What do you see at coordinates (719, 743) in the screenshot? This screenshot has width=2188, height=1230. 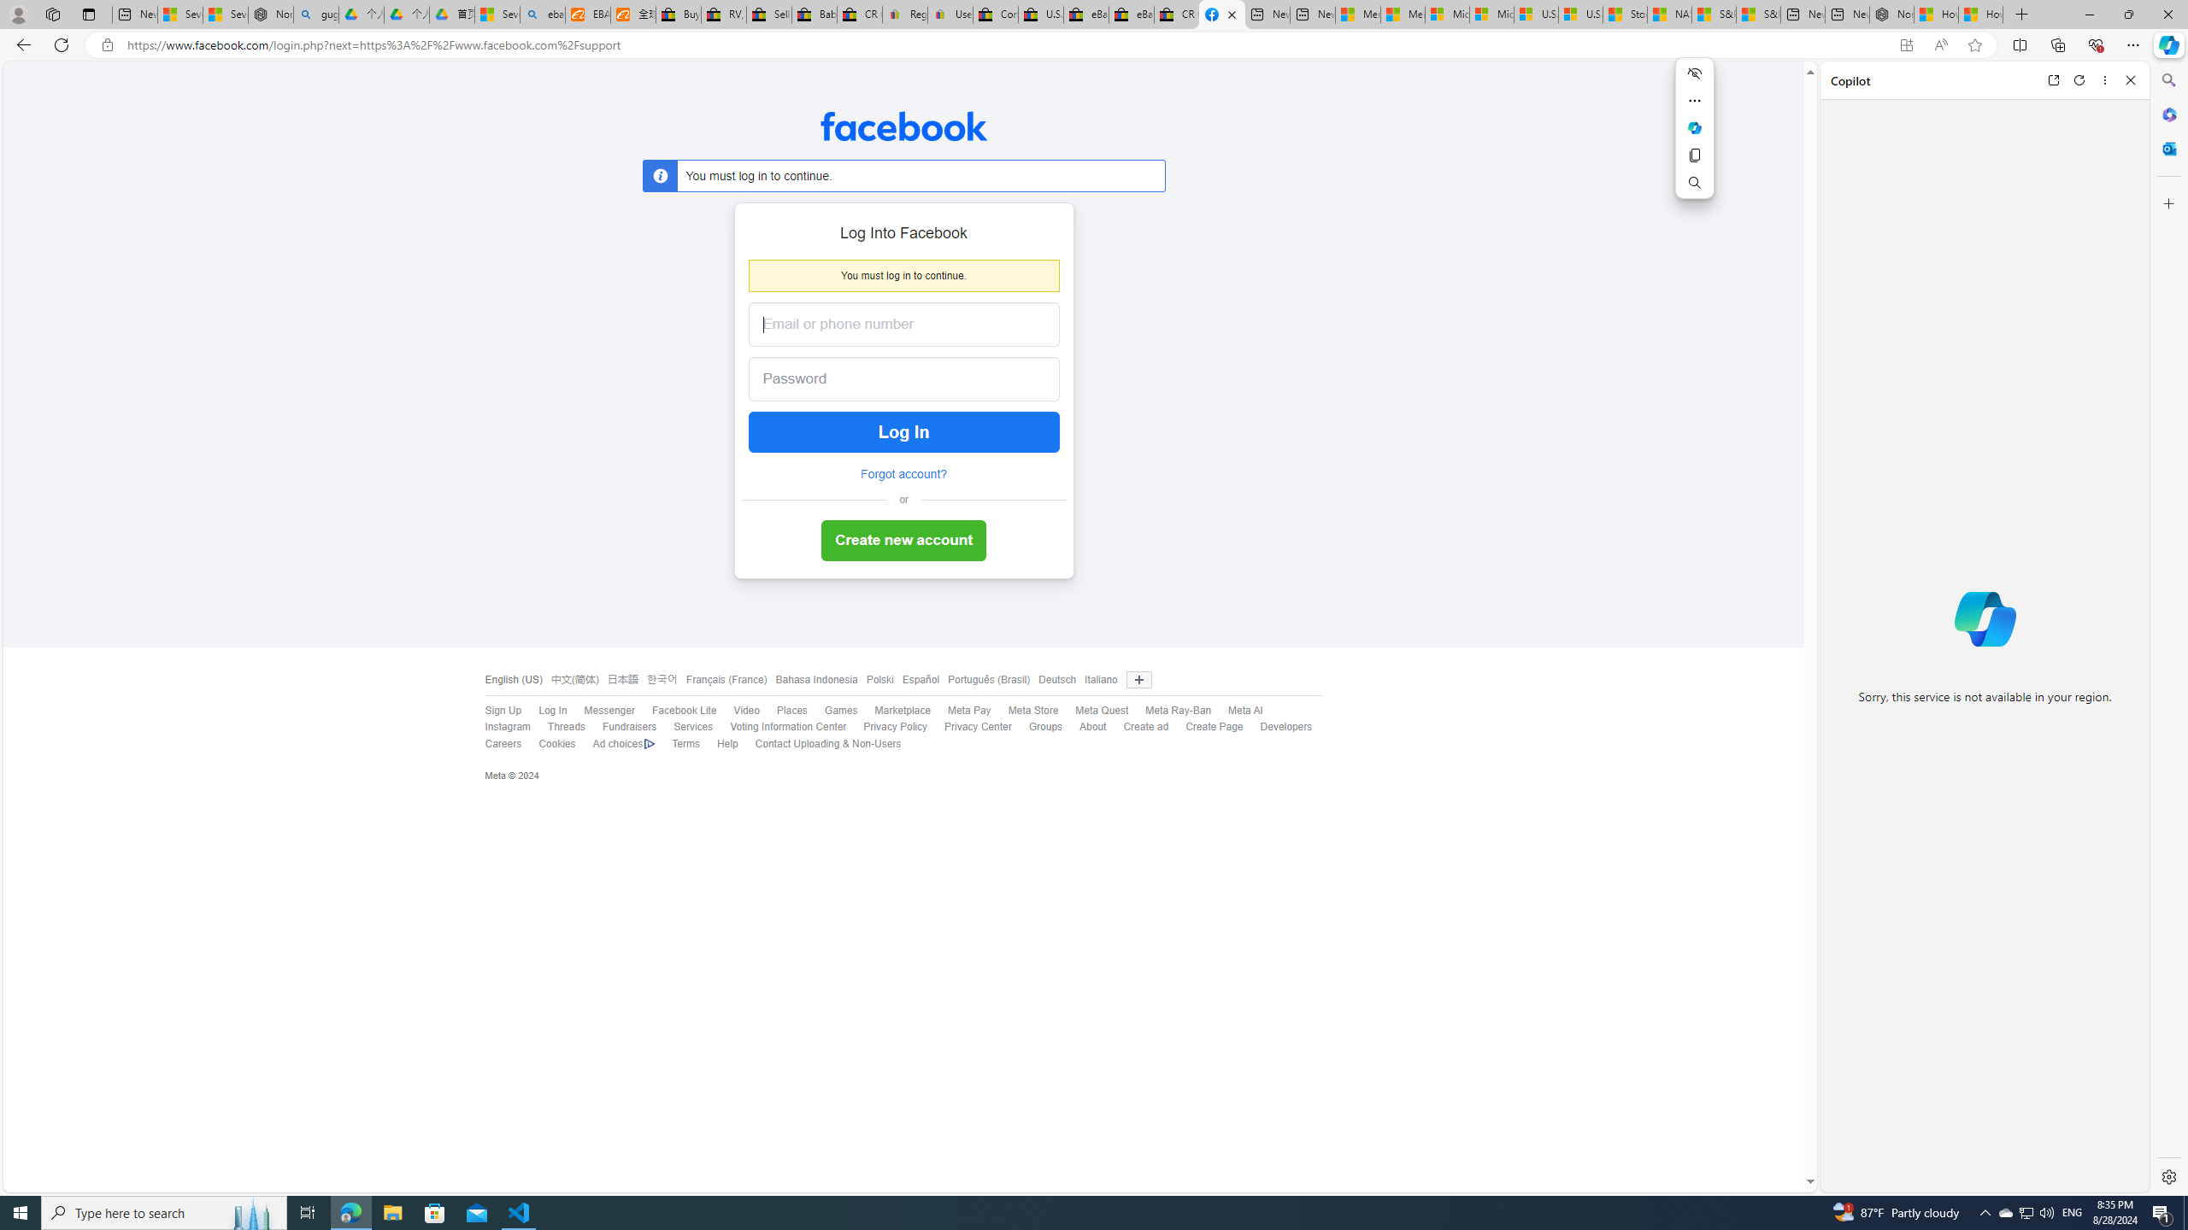 I see `'Help'` at bounding box center [719, 743].